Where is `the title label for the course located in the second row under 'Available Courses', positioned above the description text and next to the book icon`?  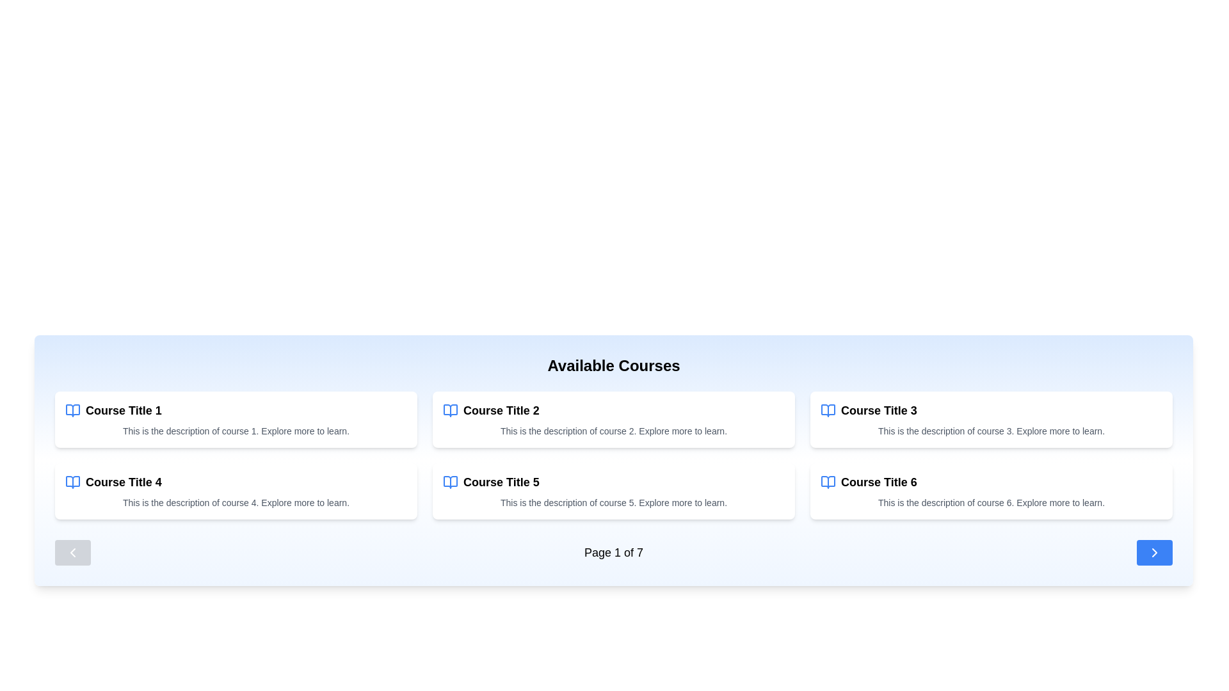 the title label for the course located in the second row under 'Available Courses', positioned above the description text and next to the book icon is located at coordinates (124, 482).